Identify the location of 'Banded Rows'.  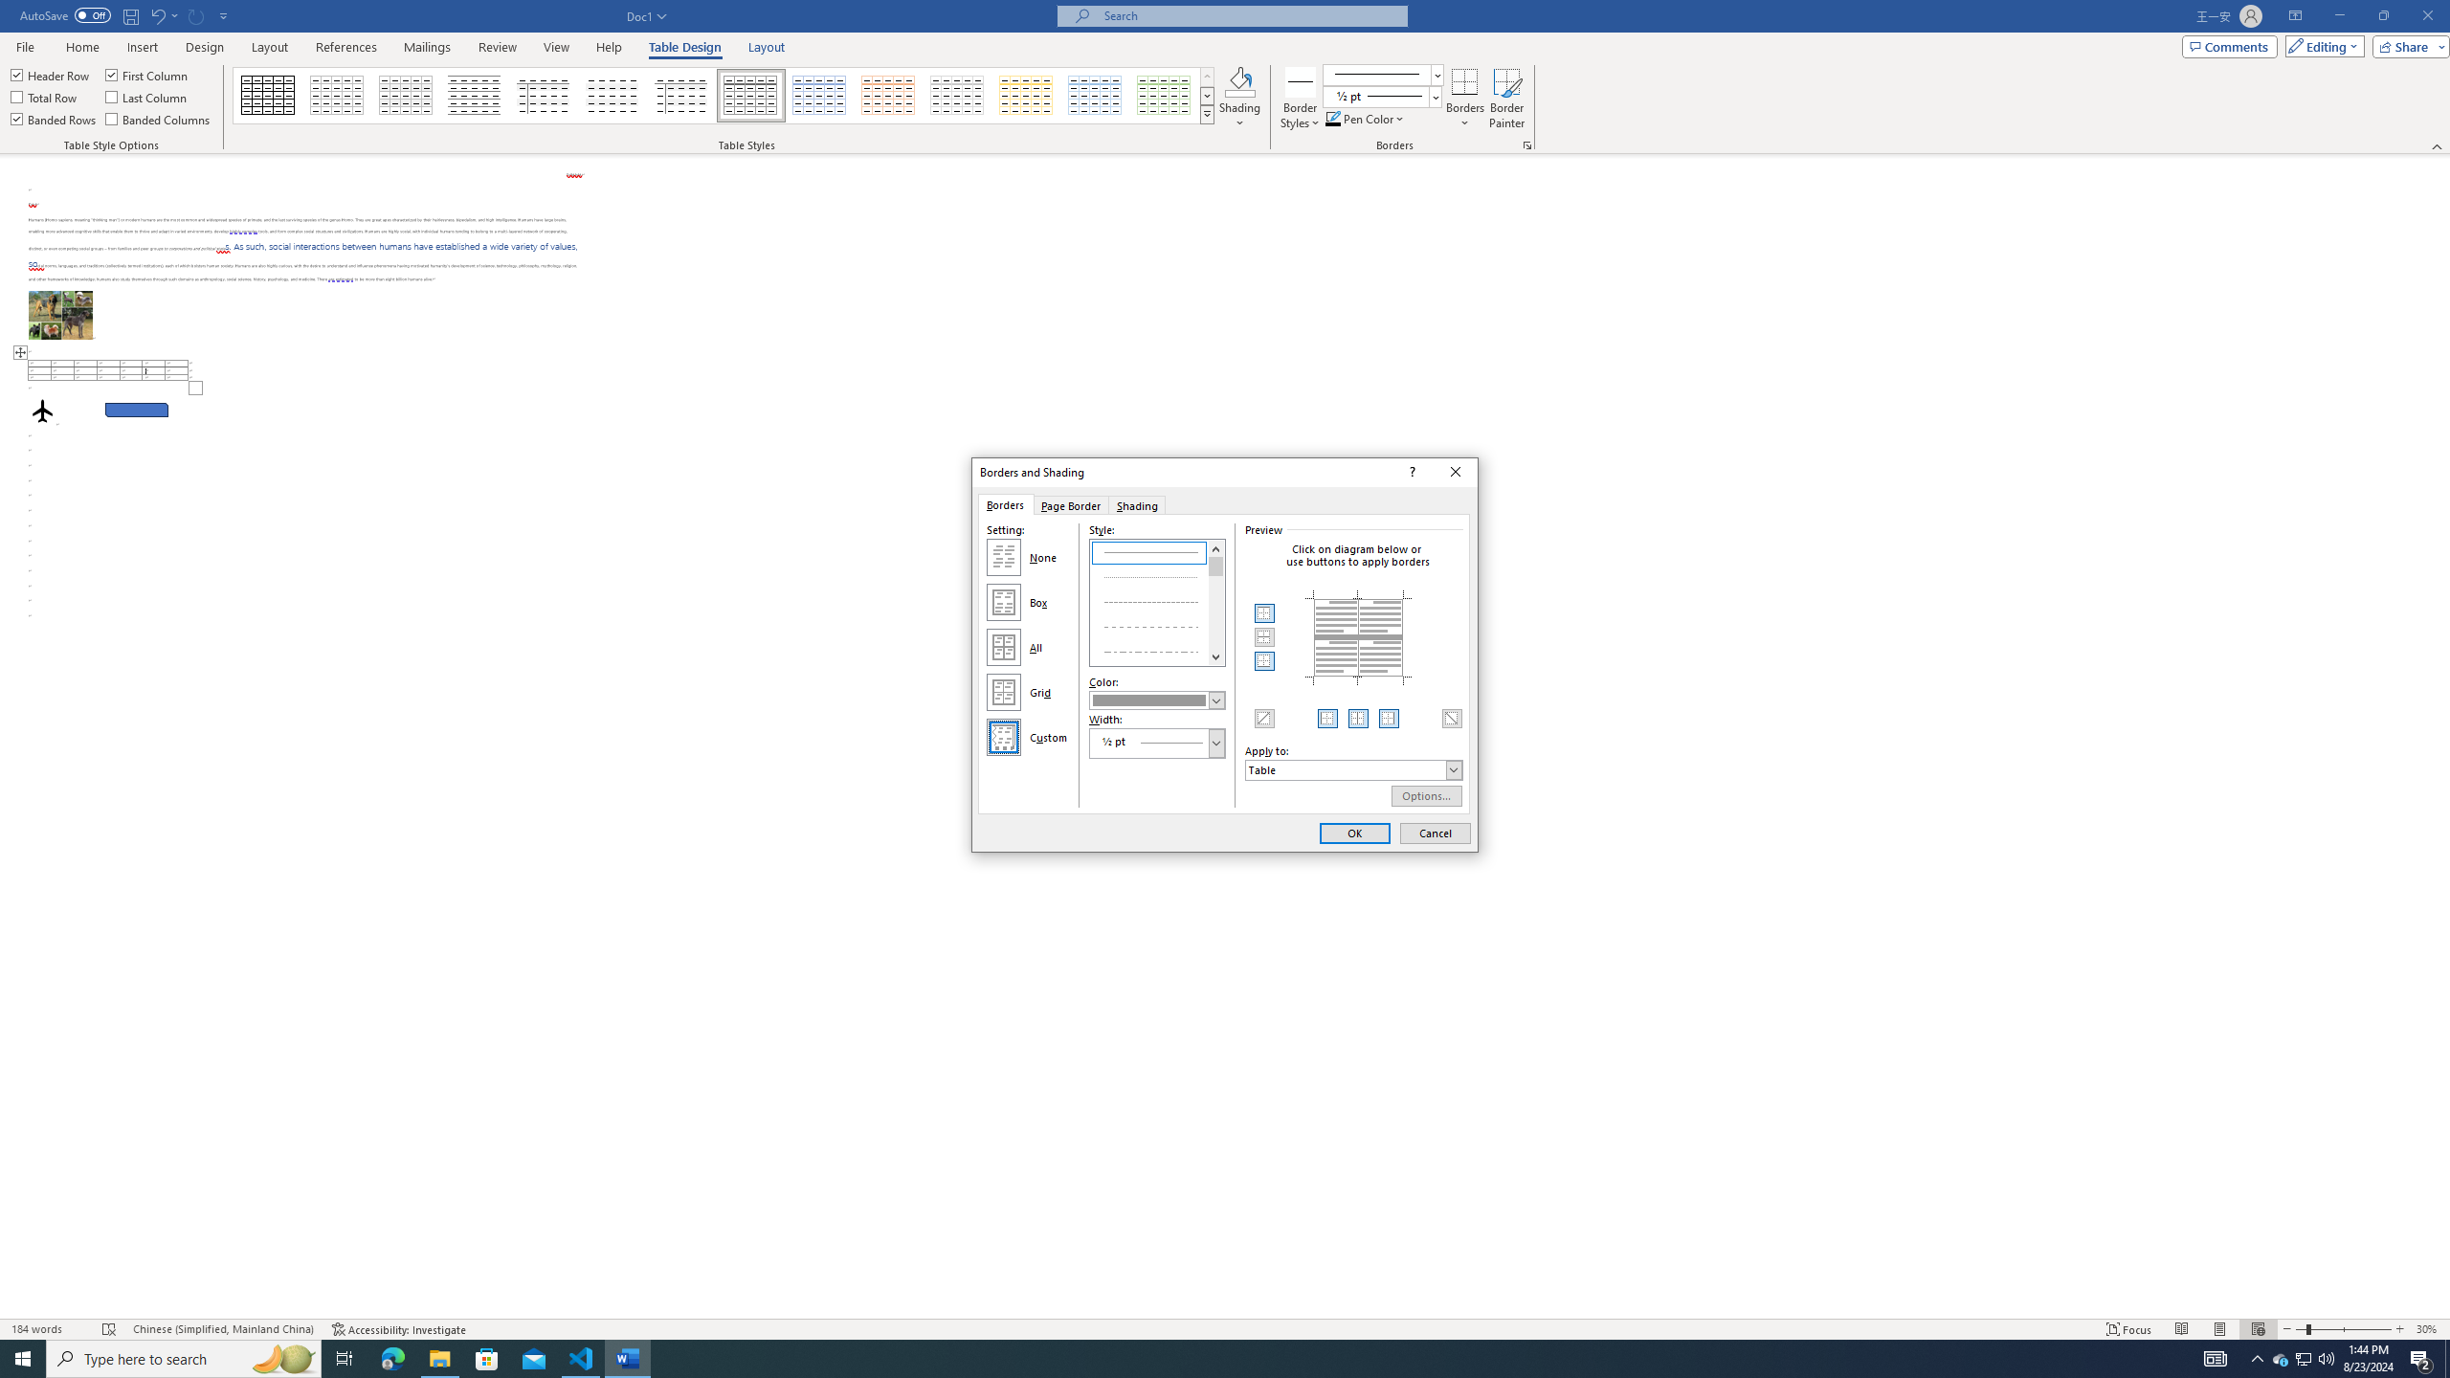
(55, 117).